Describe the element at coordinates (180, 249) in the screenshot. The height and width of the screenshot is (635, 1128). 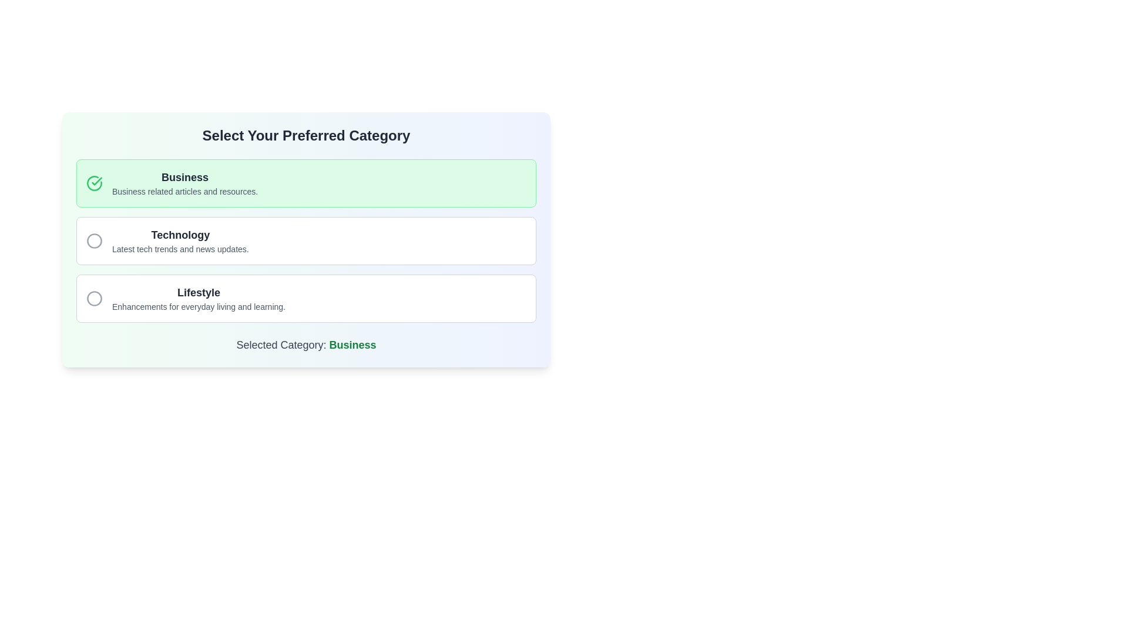
I see `the text label positioned directly beneath the 'Technology' title in the category selection interface, which provides additional context about the 'Technology' category` at that location.